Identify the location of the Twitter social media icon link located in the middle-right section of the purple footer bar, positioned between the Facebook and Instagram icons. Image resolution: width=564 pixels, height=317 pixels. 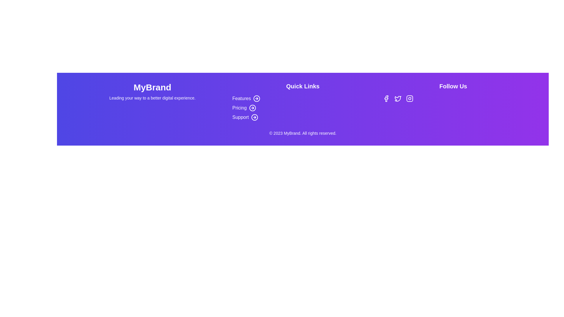
(398, 98).